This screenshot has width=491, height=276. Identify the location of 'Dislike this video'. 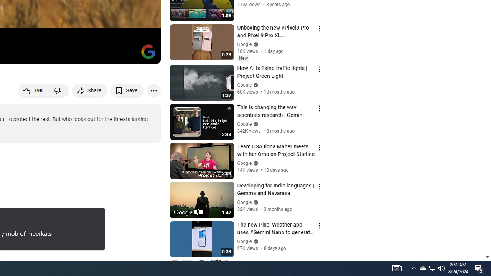
(59, 90).